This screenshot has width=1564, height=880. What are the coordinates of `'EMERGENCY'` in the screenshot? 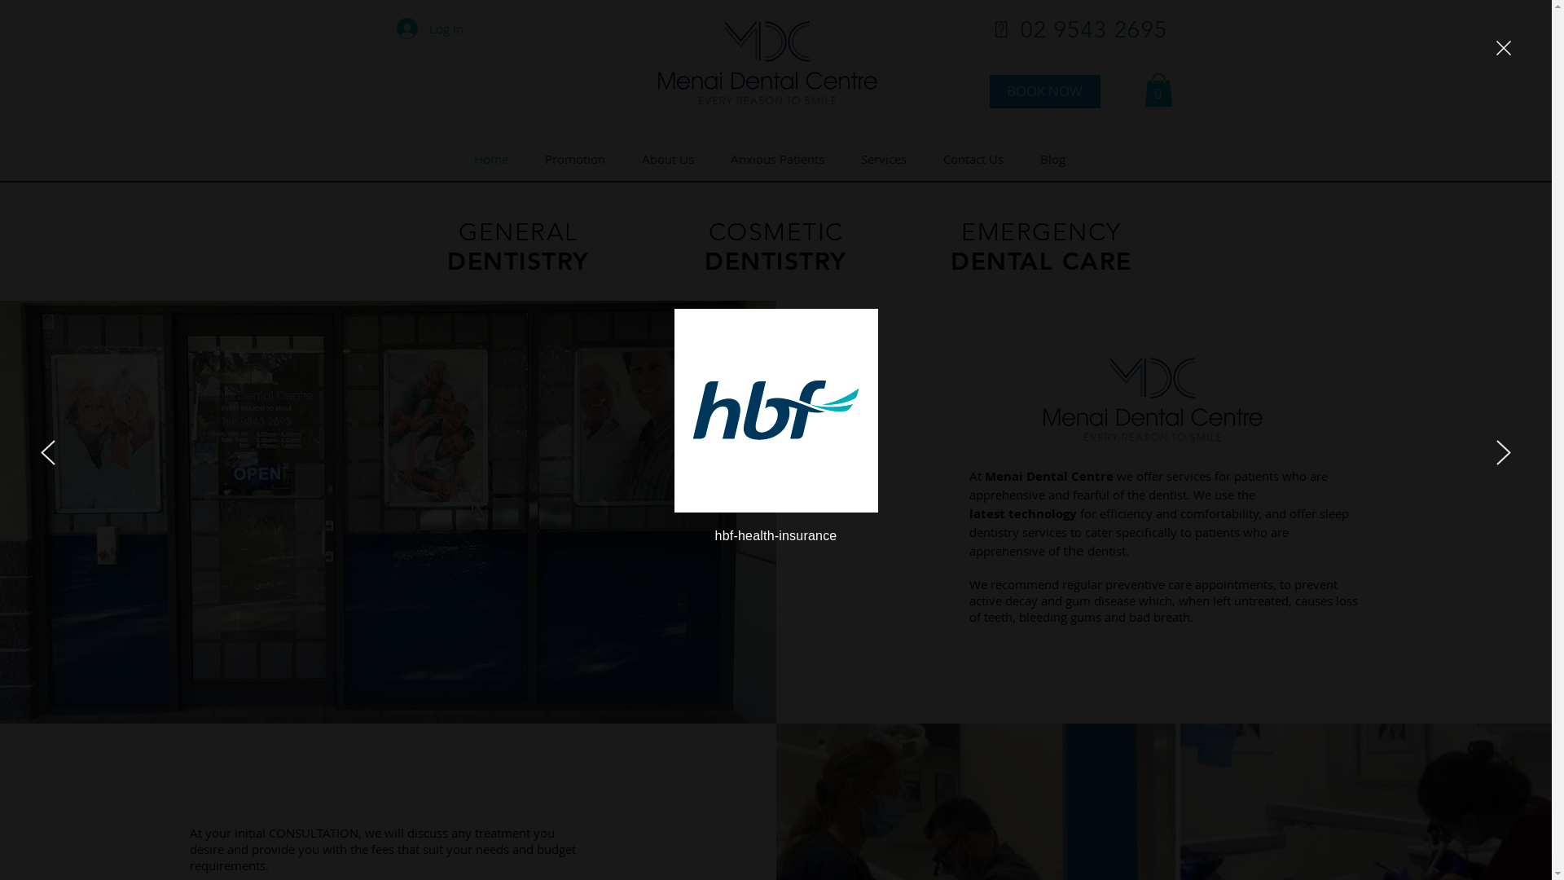 It's located at (1040, 231).